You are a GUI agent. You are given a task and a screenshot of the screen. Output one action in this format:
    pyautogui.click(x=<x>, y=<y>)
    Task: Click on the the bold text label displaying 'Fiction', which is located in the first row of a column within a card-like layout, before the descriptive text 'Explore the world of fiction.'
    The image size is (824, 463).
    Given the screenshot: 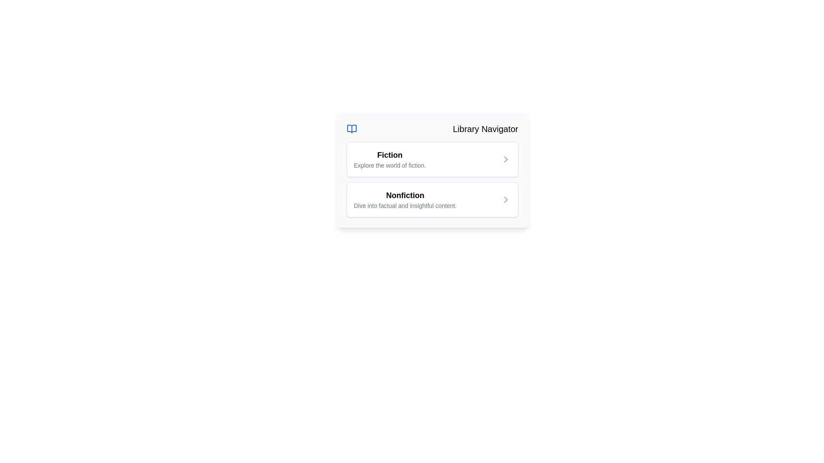 What is the action you would take?
    pyautogui.click(x=389, y=155)
    